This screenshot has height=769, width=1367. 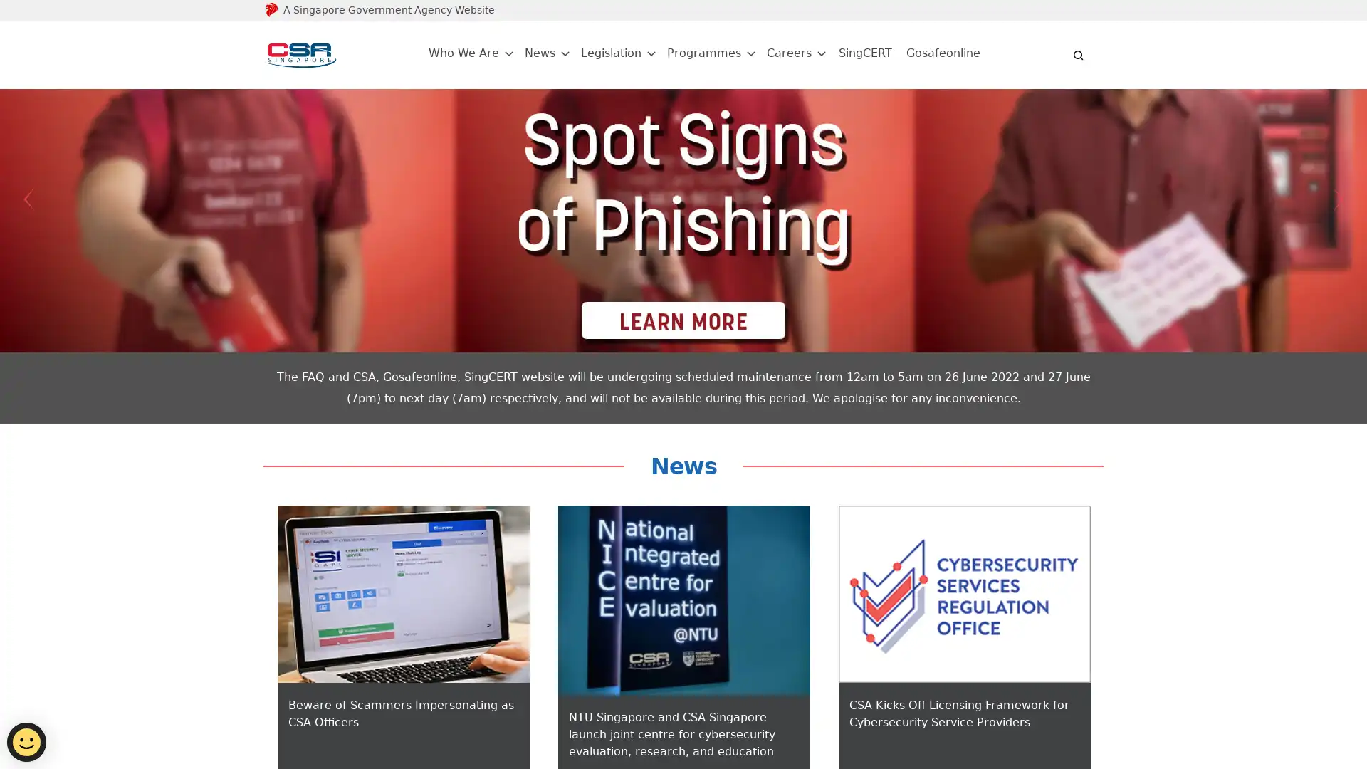 I want to click on Previous, so click(x=28, y=199).